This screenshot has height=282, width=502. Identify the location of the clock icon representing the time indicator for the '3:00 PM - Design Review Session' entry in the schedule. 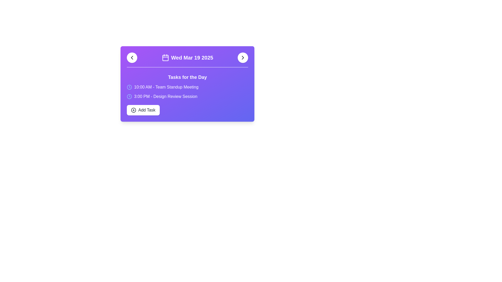
(129, 97).